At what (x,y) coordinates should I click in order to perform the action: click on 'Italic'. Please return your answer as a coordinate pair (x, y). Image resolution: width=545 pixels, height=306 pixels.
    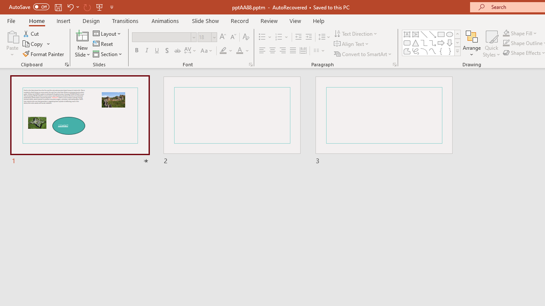
    Looking at the image, I should click on (146, 51).